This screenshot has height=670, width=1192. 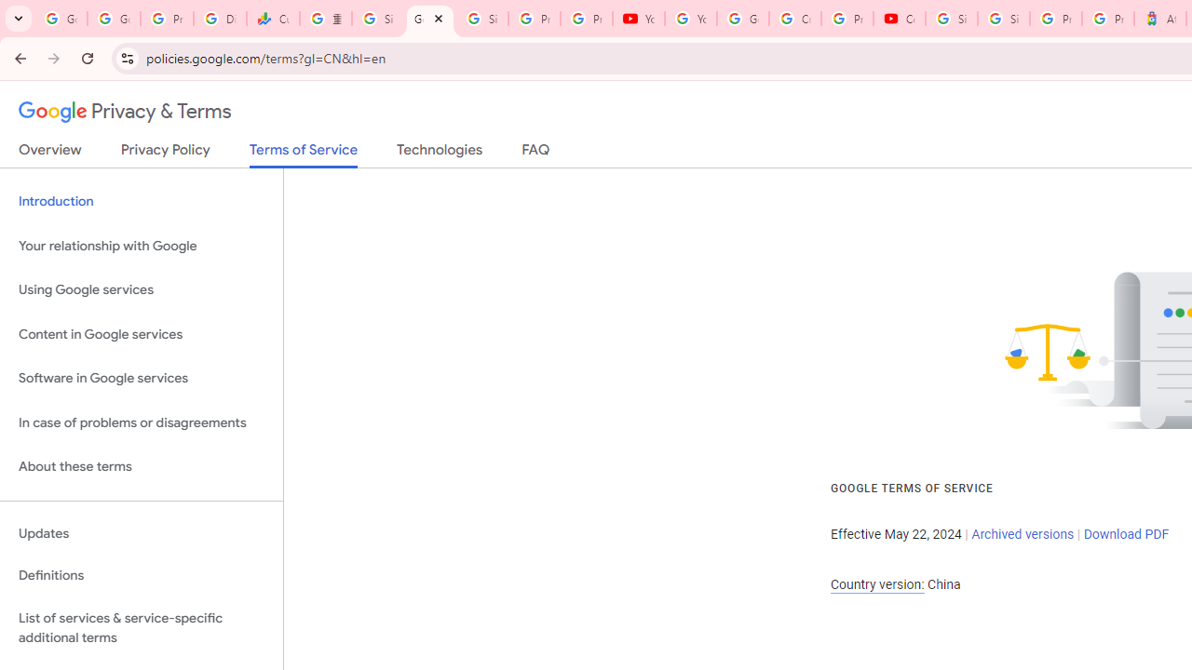 What do you see at coordinates (141, 422) in the screenshot?
I see `'In case of problems or disagreements'` at bounding box center [141, 422].